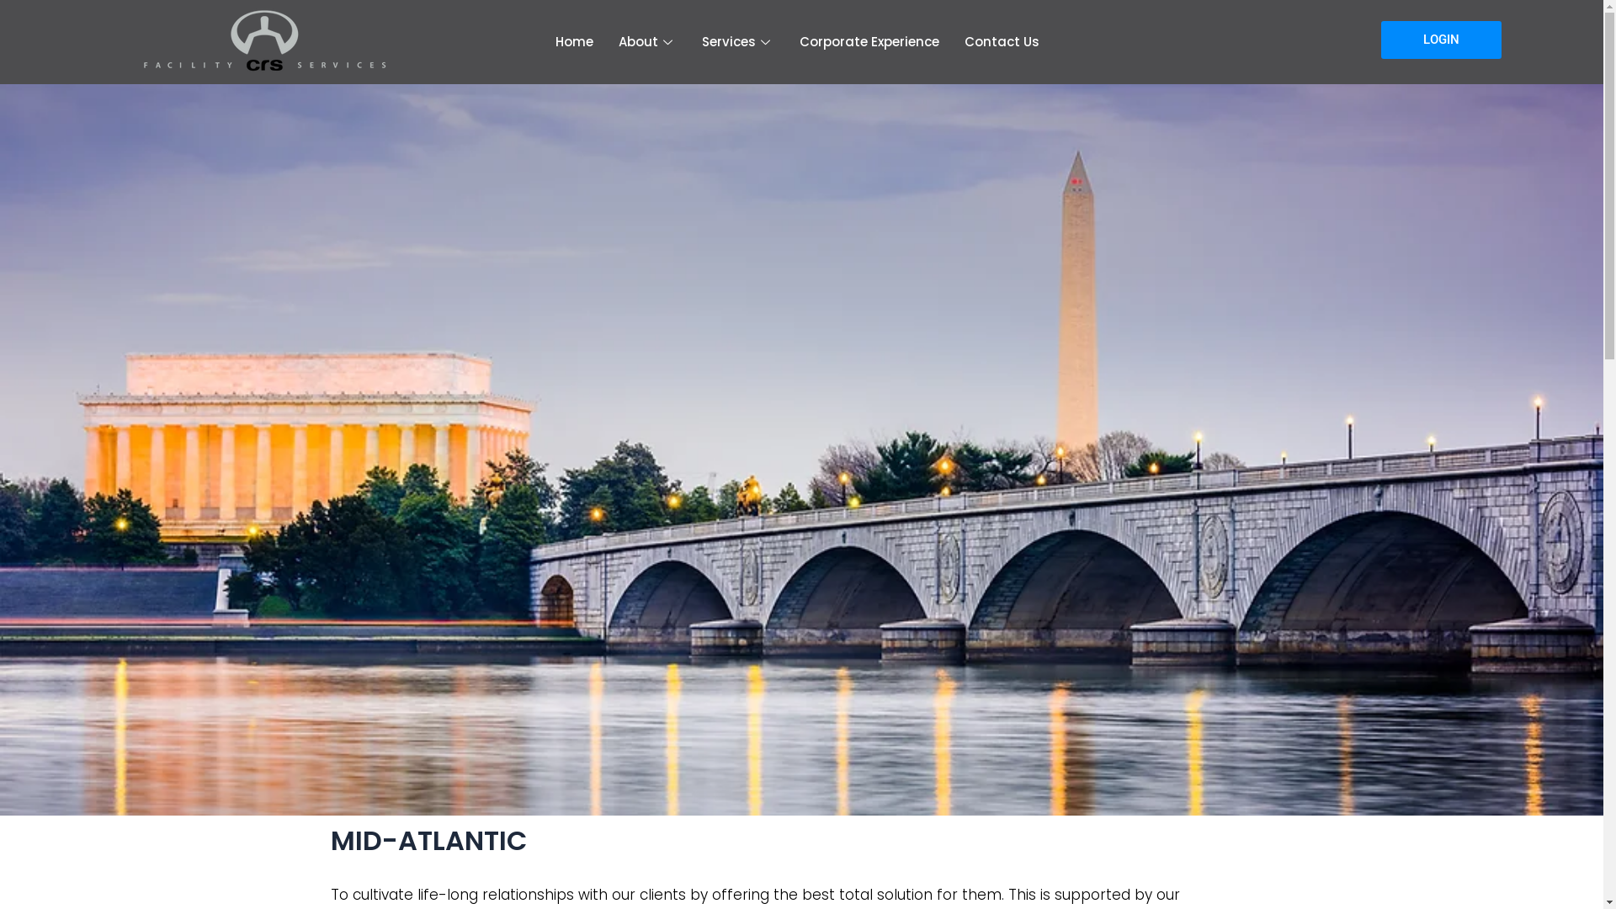  I want to click on 'Home', so click(574, 41).